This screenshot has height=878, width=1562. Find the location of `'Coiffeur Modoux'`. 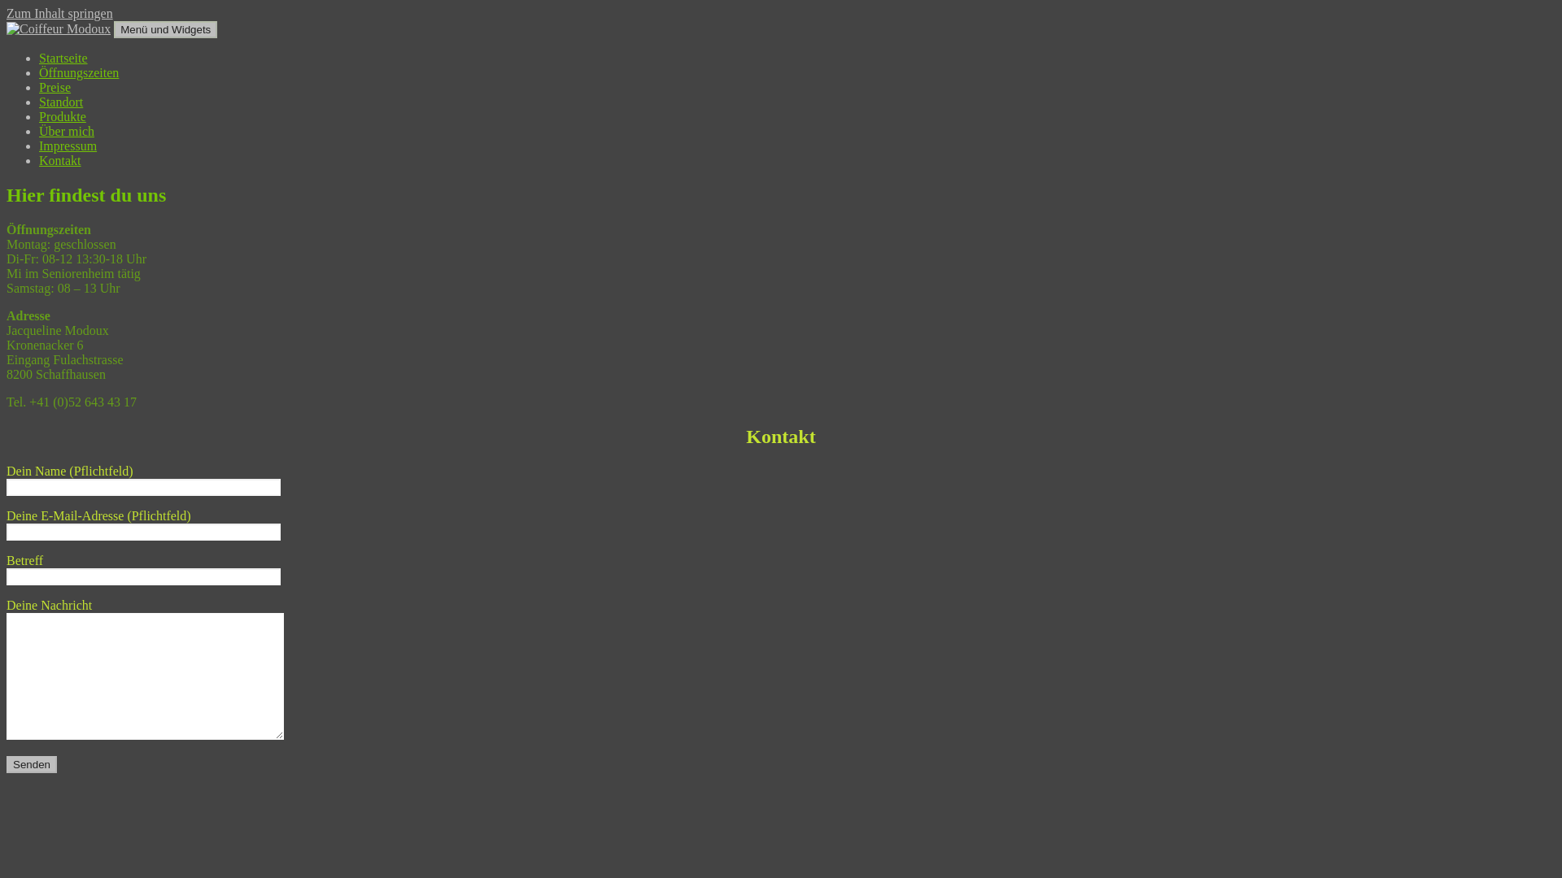

'Coiffeur Modoux' is located at coordinates (51, 57).